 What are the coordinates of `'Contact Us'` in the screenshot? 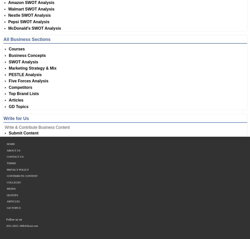 It's located at (15, 156).